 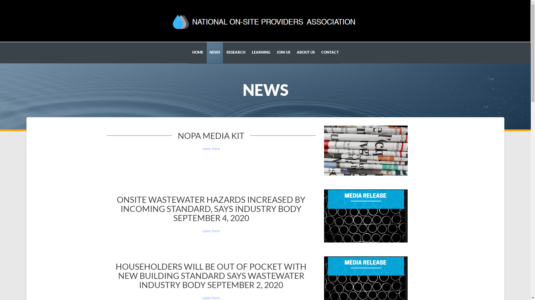 I want to click on 'JOIN US', so click(x=283, y=53).